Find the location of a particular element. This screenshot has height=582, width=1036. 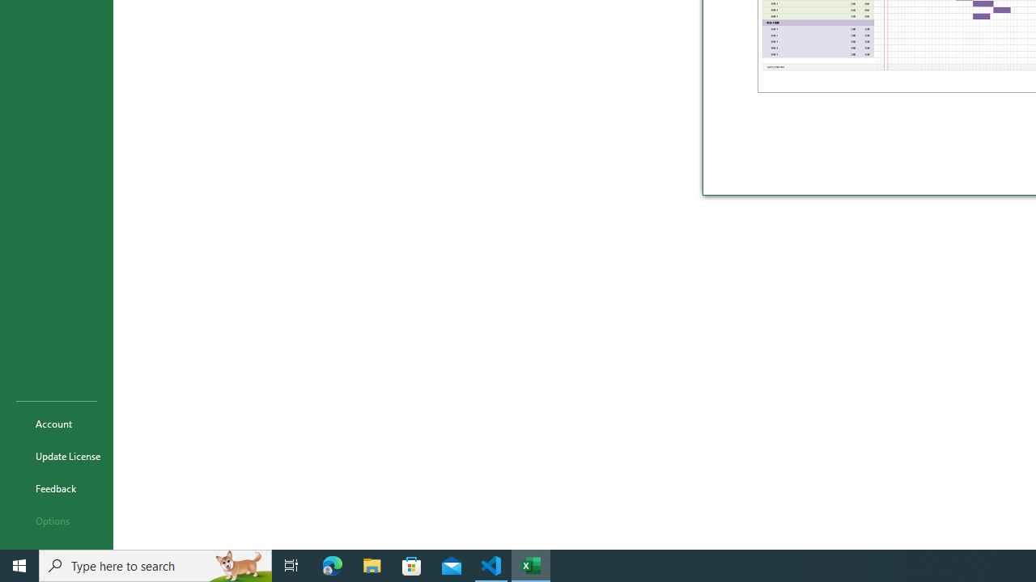

'Excel - 1 running window' is located at coordinates (531, 564).